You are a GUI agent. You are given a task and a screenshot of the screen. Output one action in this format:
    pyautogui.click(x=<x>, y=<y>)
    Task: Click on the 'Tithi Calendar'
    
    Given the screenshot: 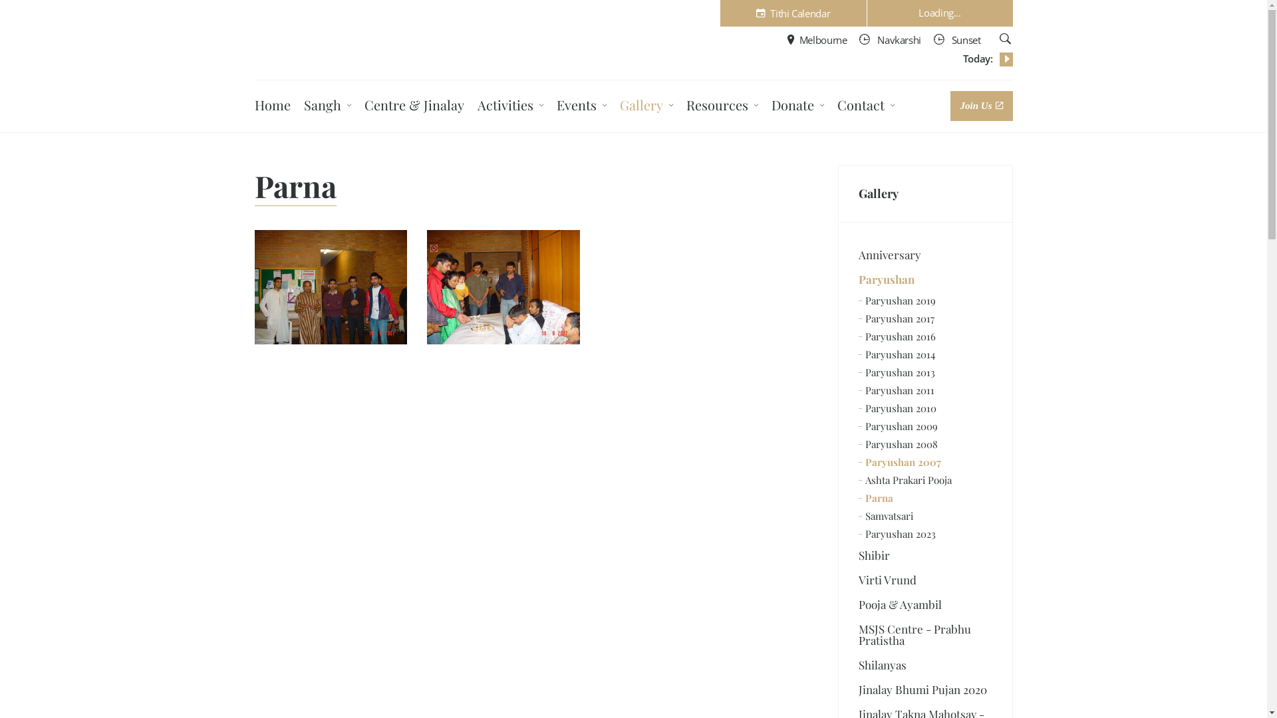 What is the action you would take?
    pyautogui.click(x=792, y=13)
    